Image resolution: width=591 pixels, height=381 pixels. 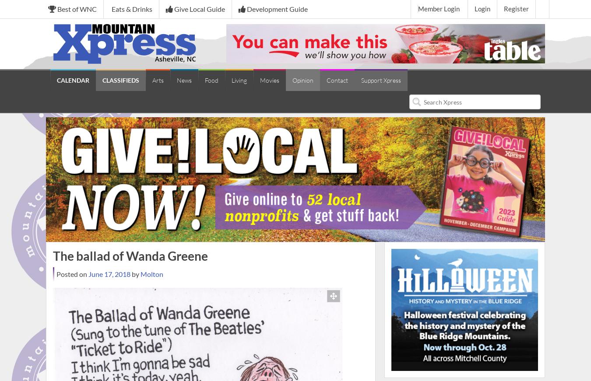 I want to click on 'CALENDAR', so click(x=73, y=80).